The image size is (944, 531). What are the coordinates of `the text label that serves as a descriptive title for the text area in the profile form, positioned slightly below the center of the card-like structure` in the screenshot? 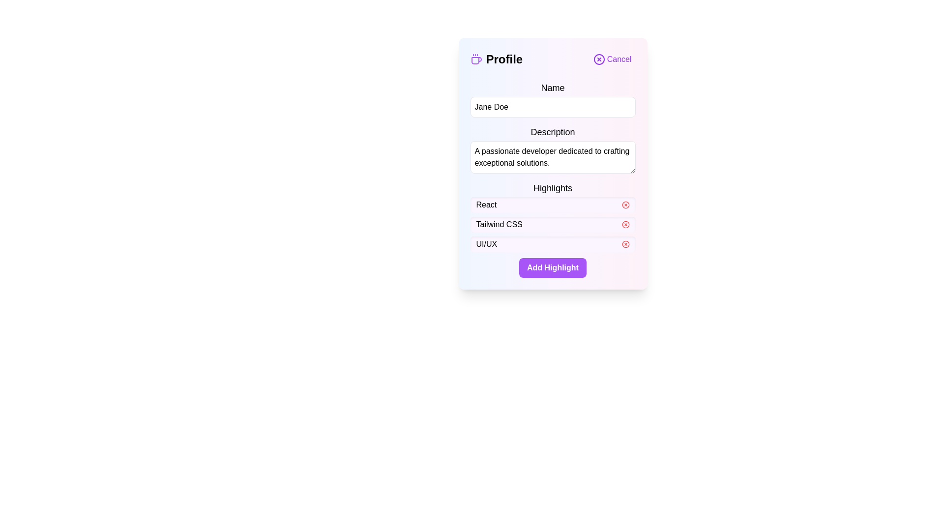 It's located at (553, 132).